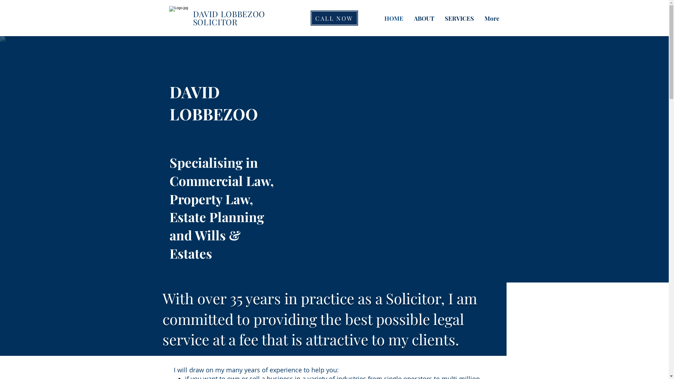 The image size is (674, 379). What do you see at coordinates (394, 18) in the screenshot?
I see `'HOME'` at bounding box center [394, 18].